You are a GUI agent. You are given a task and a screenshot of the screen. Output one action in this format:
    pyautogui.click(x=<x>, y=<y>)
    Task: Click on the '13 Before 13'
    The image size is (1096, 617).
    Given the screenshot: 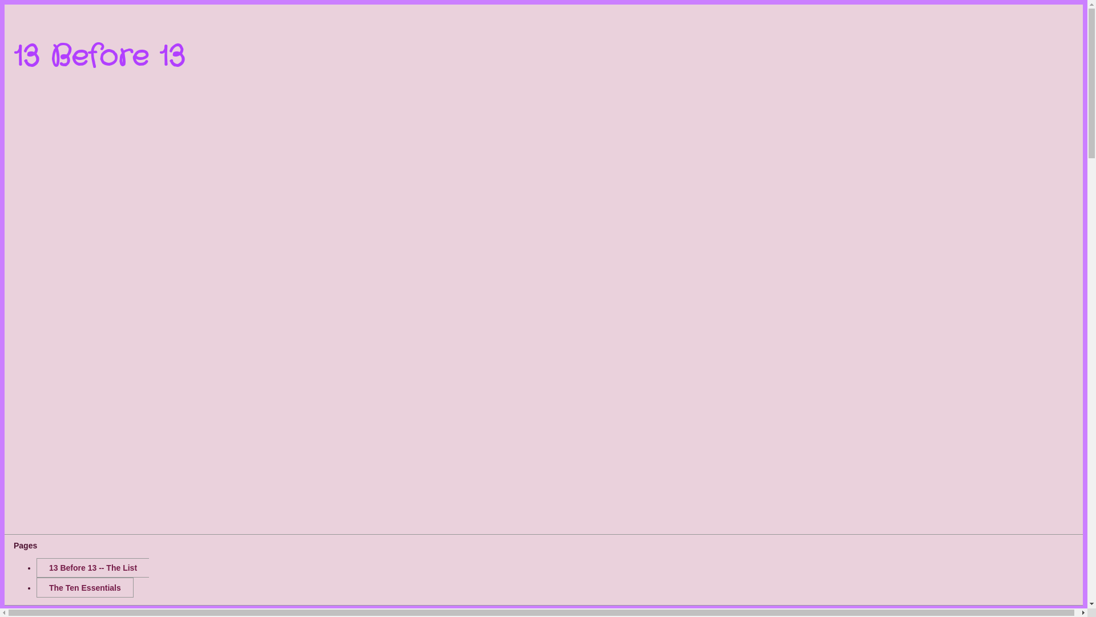 What is the action you would take?
    pyautogui.click(x=99, y=57)
    